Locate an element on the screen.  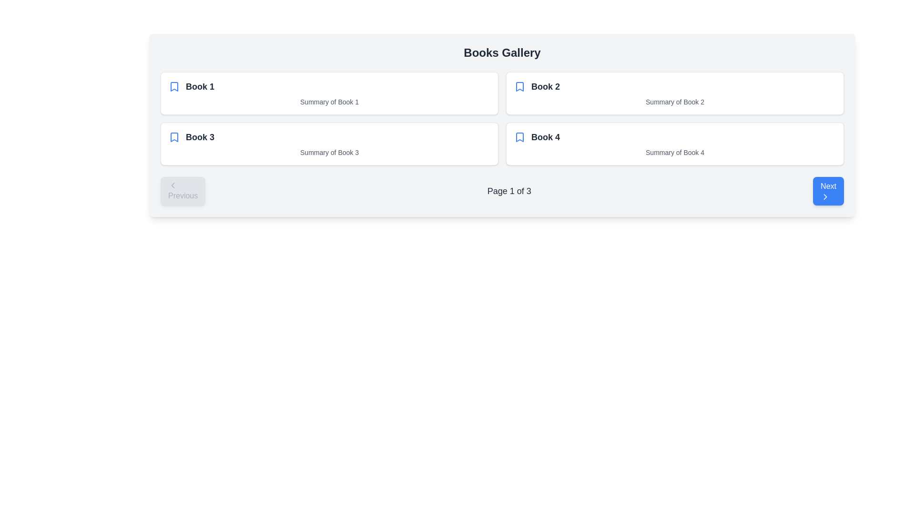
the navigational button is located at coordinates (828, 191).